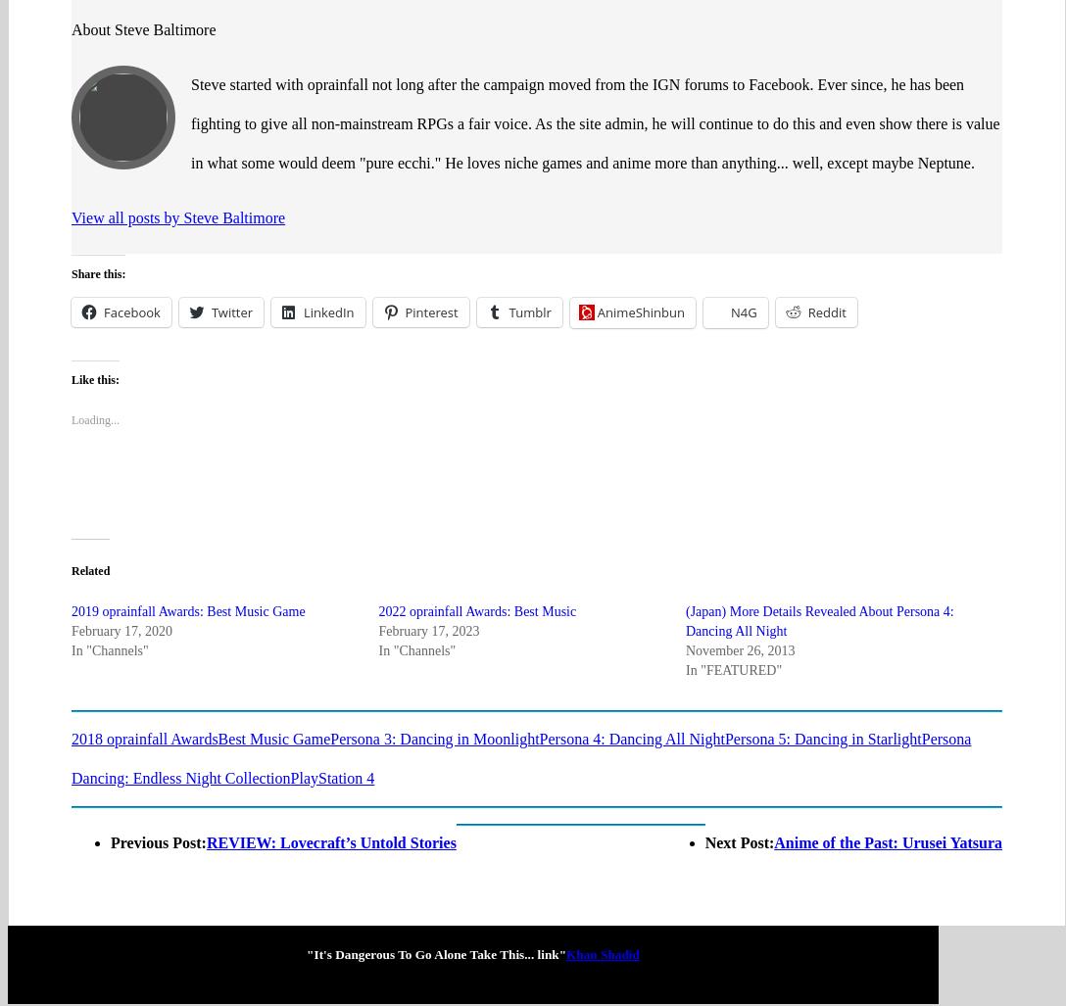 This screenshot has width=1066, height=1006. I want to click on 'AnimeShinbun', so click(640, 236).